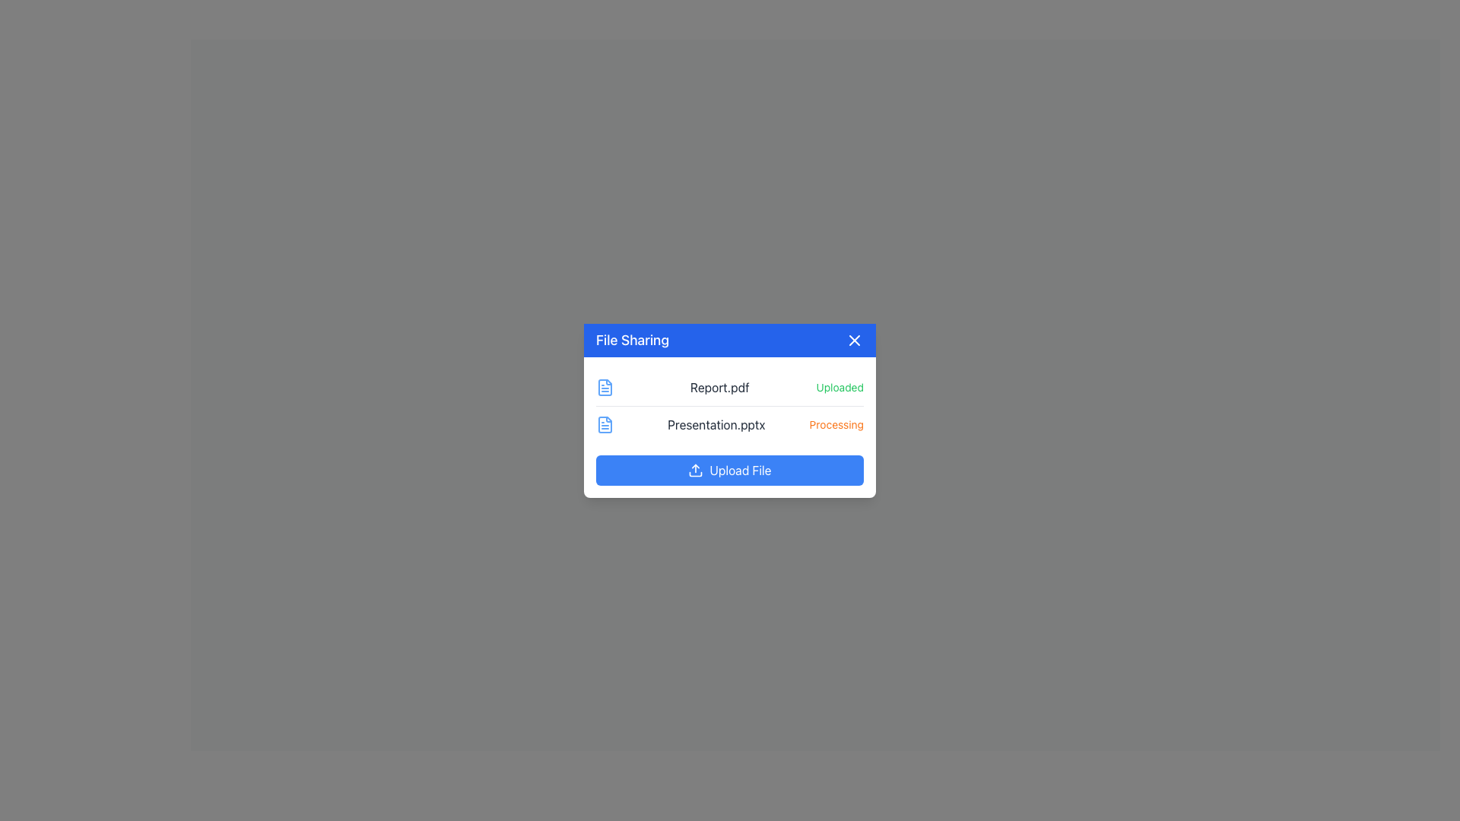  Describe the element at coordinates (836, 424) in the screenshot. I see `the 'Processing' label, which is styled in small orange text and indicates ongoing status, located at the far right of the row containing 'Presentation.pptx' in the file sharing dialog` at that location.